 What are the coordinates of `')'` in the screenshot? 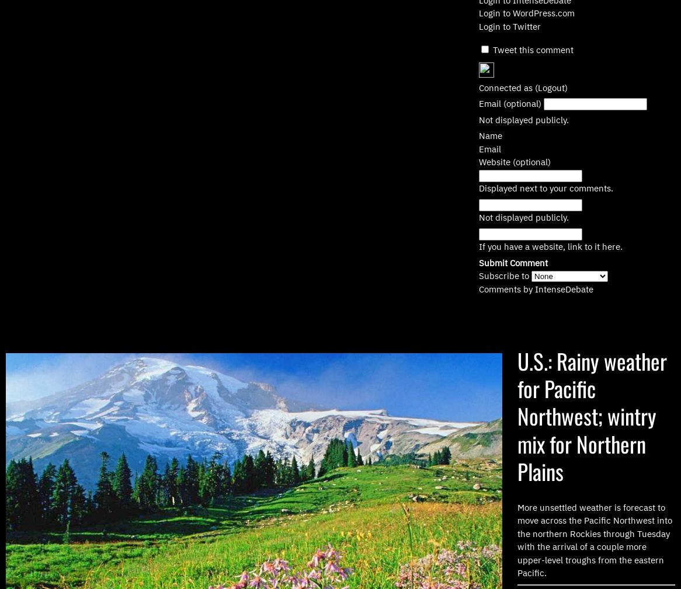 It's located at (566, 86).